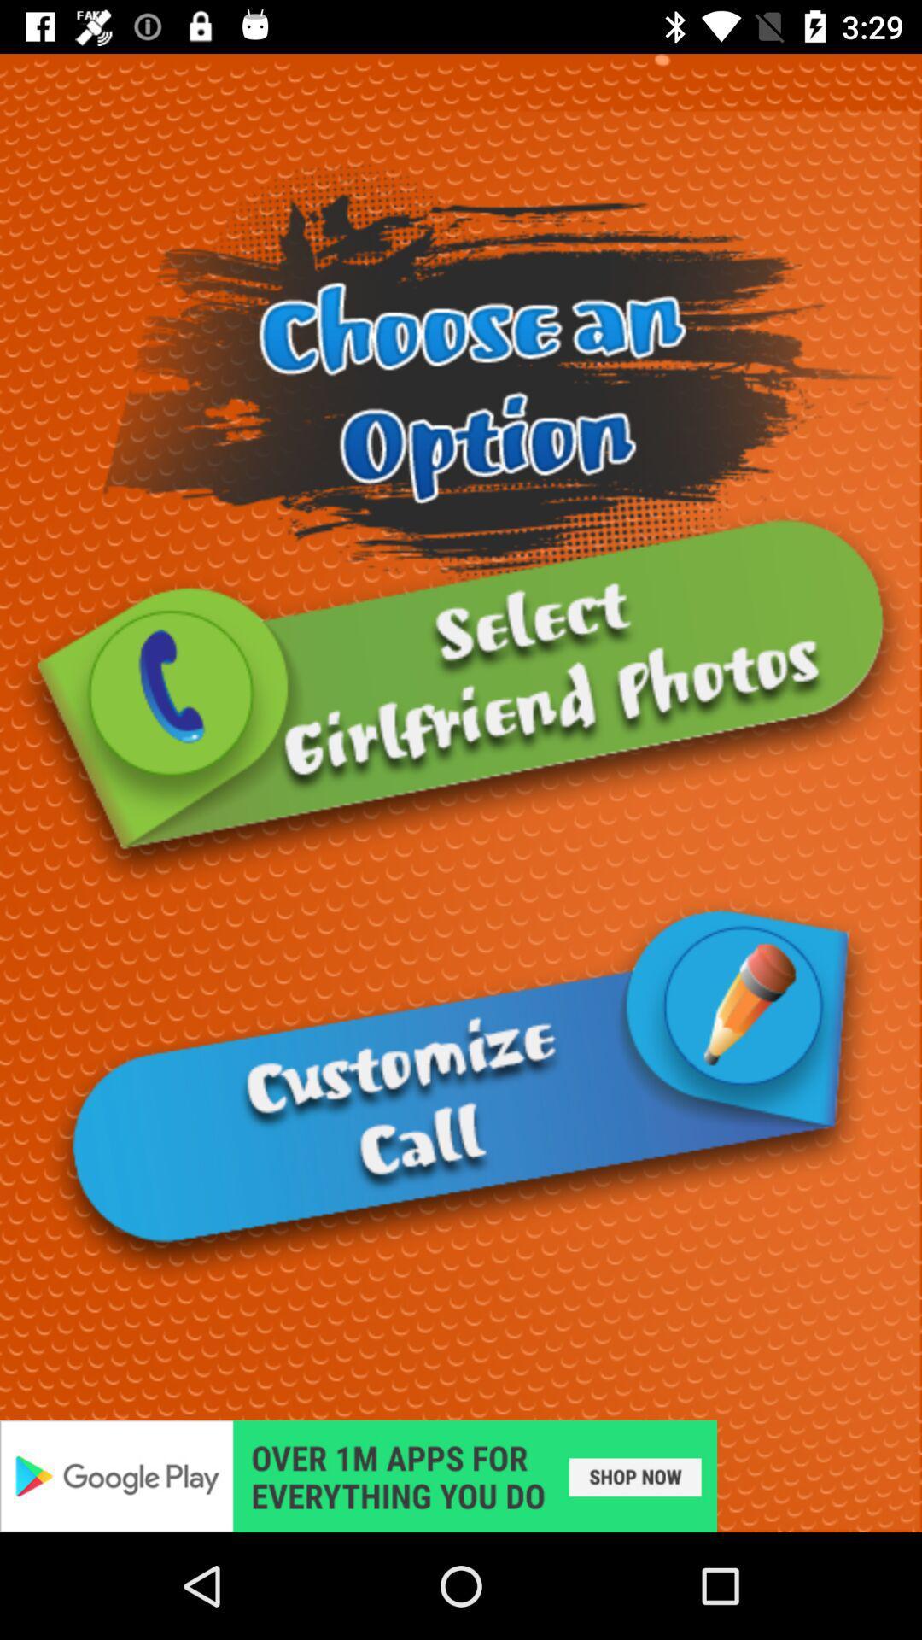  Describe the element at coordinates (461, 700) in the screenshot. I see `choose button` at that location.